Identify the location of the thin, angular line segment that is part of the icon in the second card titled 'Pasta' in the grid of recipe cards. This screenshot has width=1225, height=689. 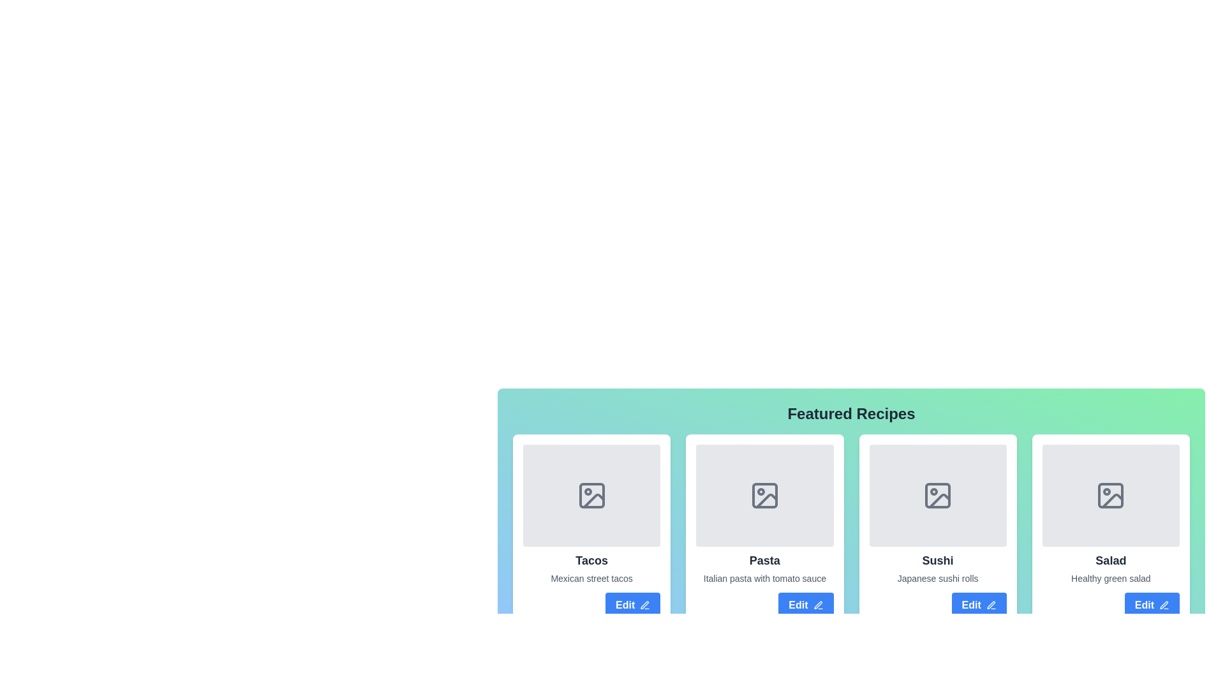
(766, 500).